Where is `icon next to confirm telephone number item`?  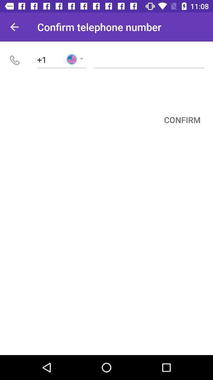 icon next to confirm telephone number item is located at coordinates (14, 27).